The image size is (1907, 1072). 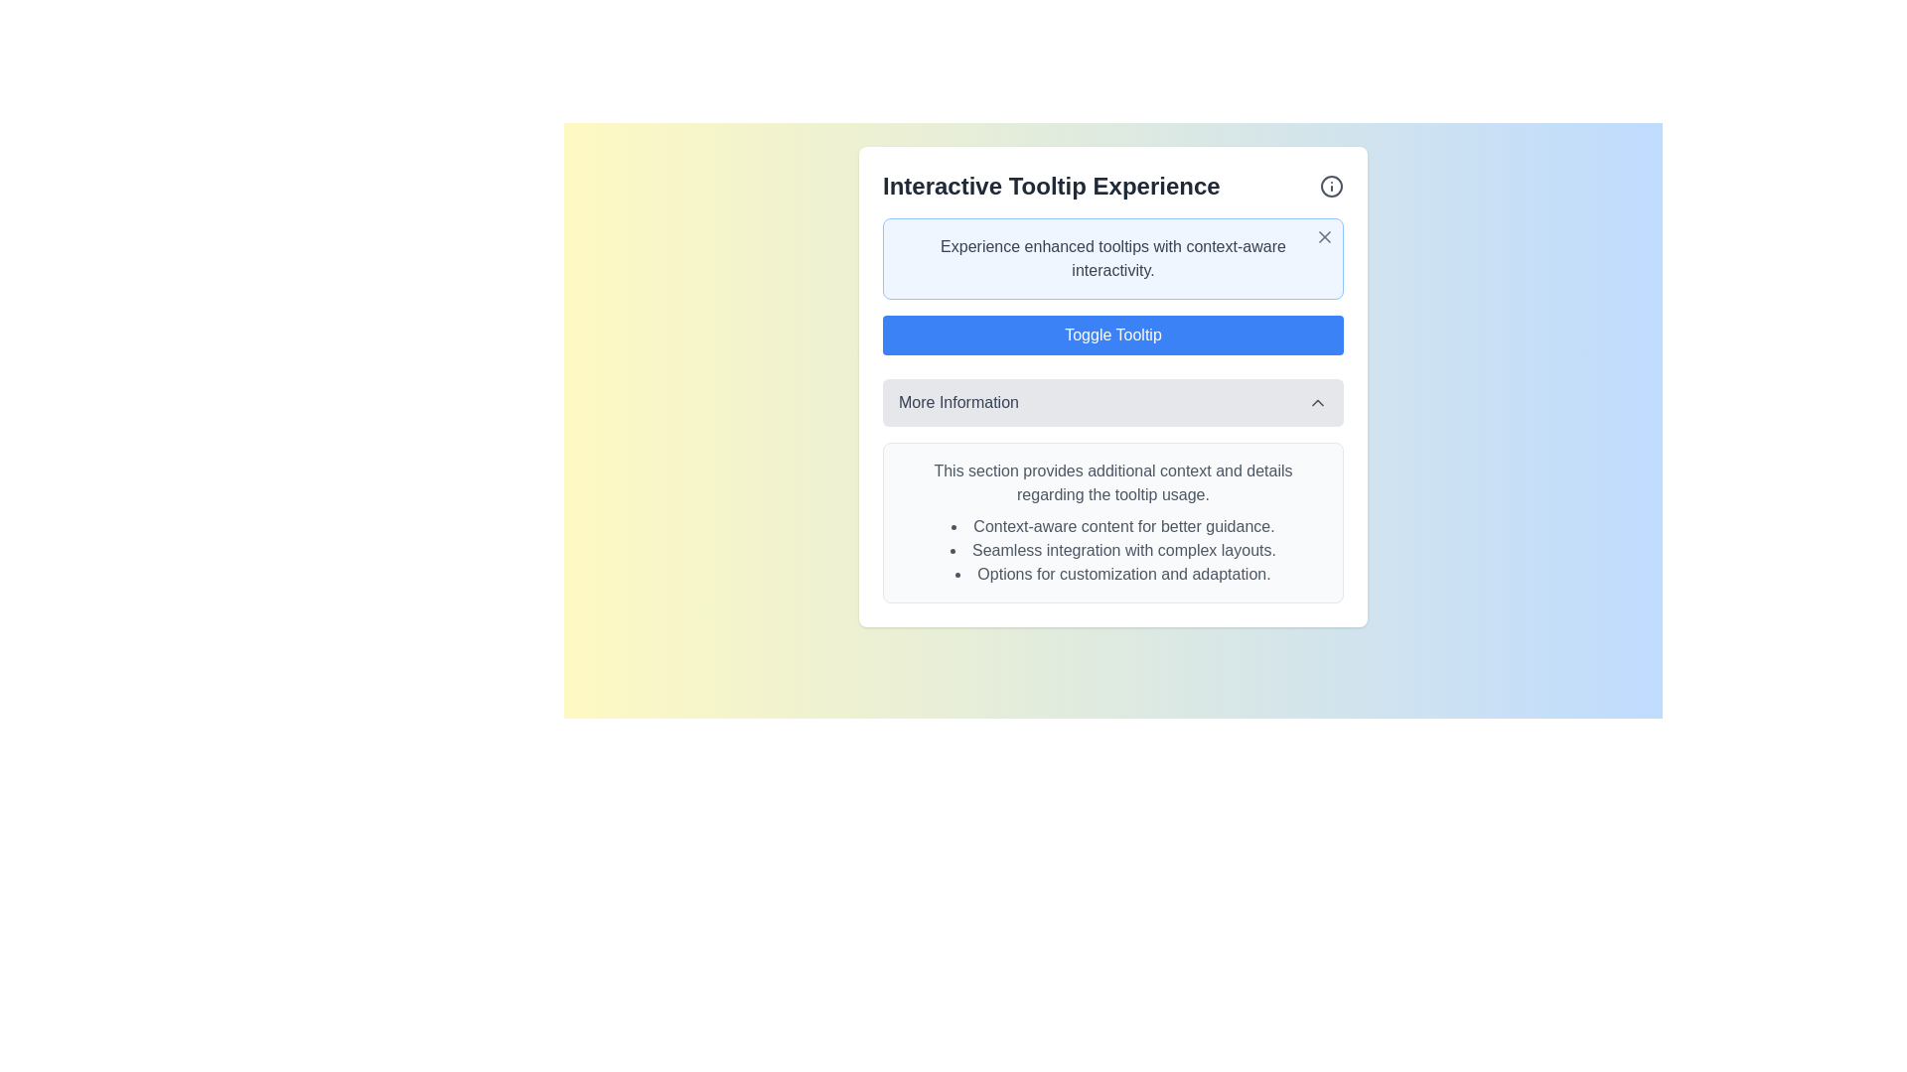 What do you see at coordinates (1113, 402) in the screenshot?
I see `the button located below the 'Toggle Tooltip' button` at bounding box center [1113, 402].